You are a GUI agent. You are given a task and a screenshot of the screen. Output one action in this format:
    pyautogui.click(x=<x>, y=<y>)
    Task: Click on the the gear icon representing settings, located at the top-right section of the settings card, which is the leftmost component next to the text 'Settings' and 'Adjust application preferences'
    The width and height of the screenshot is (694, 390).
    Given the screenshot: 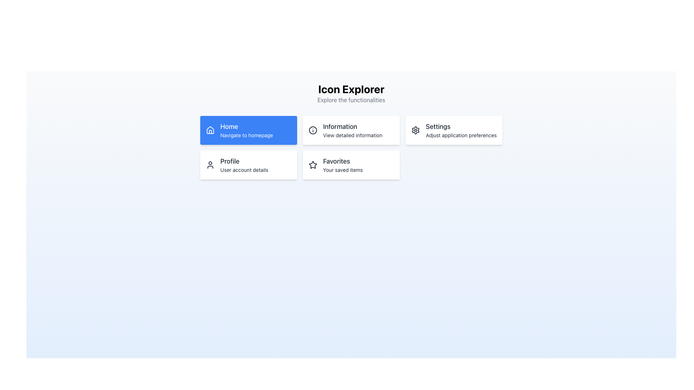 What is the action you would take?
    pyautogui.click(x=416, y=130)
    